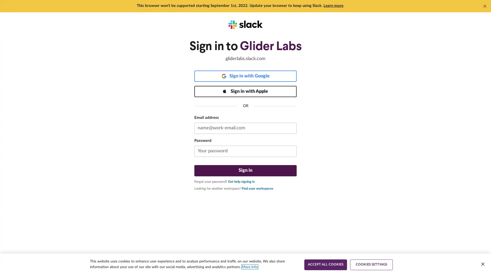  Describe the element at coordinates (325, 264) in the screenshot. I see `ACCEPT ALL COOKIES` at that location.